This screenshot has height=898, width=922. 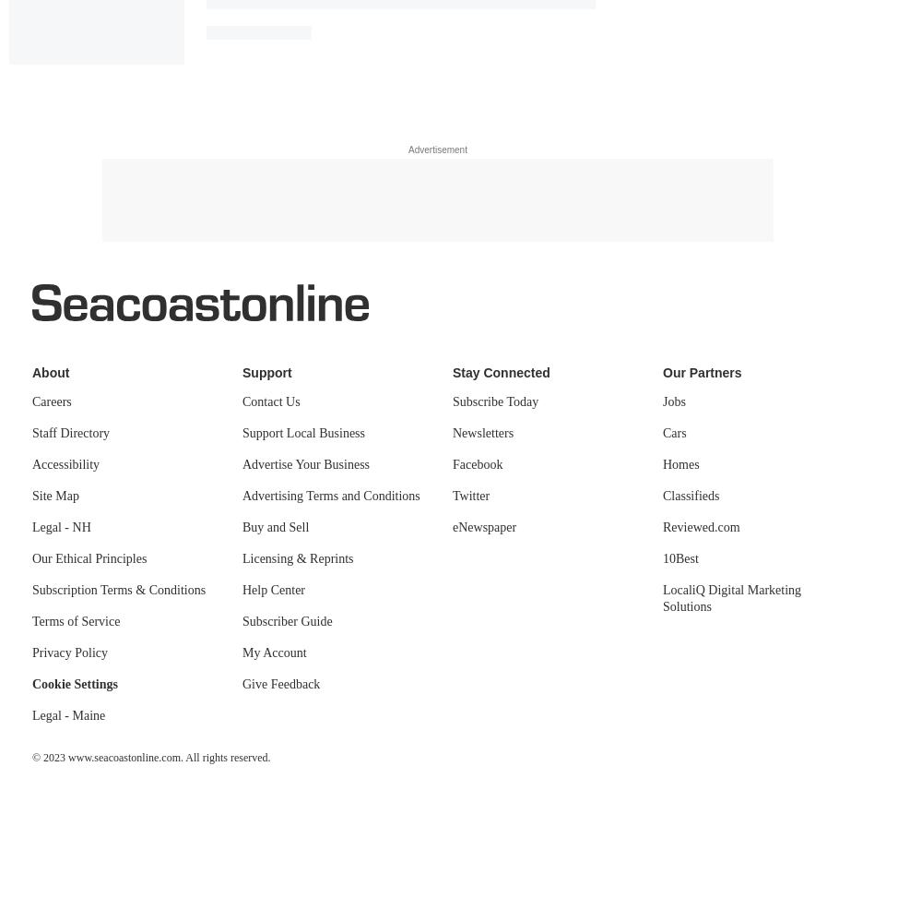 What do you see at coordinates (274, 589) in the screenshot?
I see `'Help Center'` at bounding box center [274, 589].